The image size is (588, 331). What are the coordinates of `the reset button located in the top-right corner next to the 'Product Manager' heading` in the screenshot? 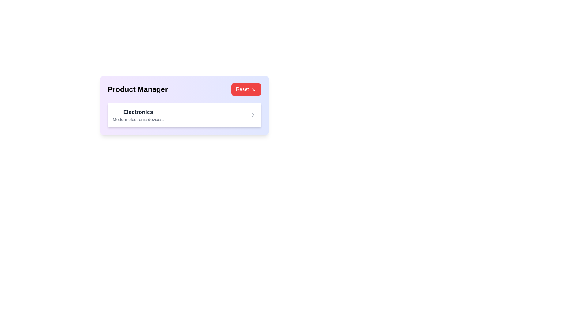 It's located at (246, 89).